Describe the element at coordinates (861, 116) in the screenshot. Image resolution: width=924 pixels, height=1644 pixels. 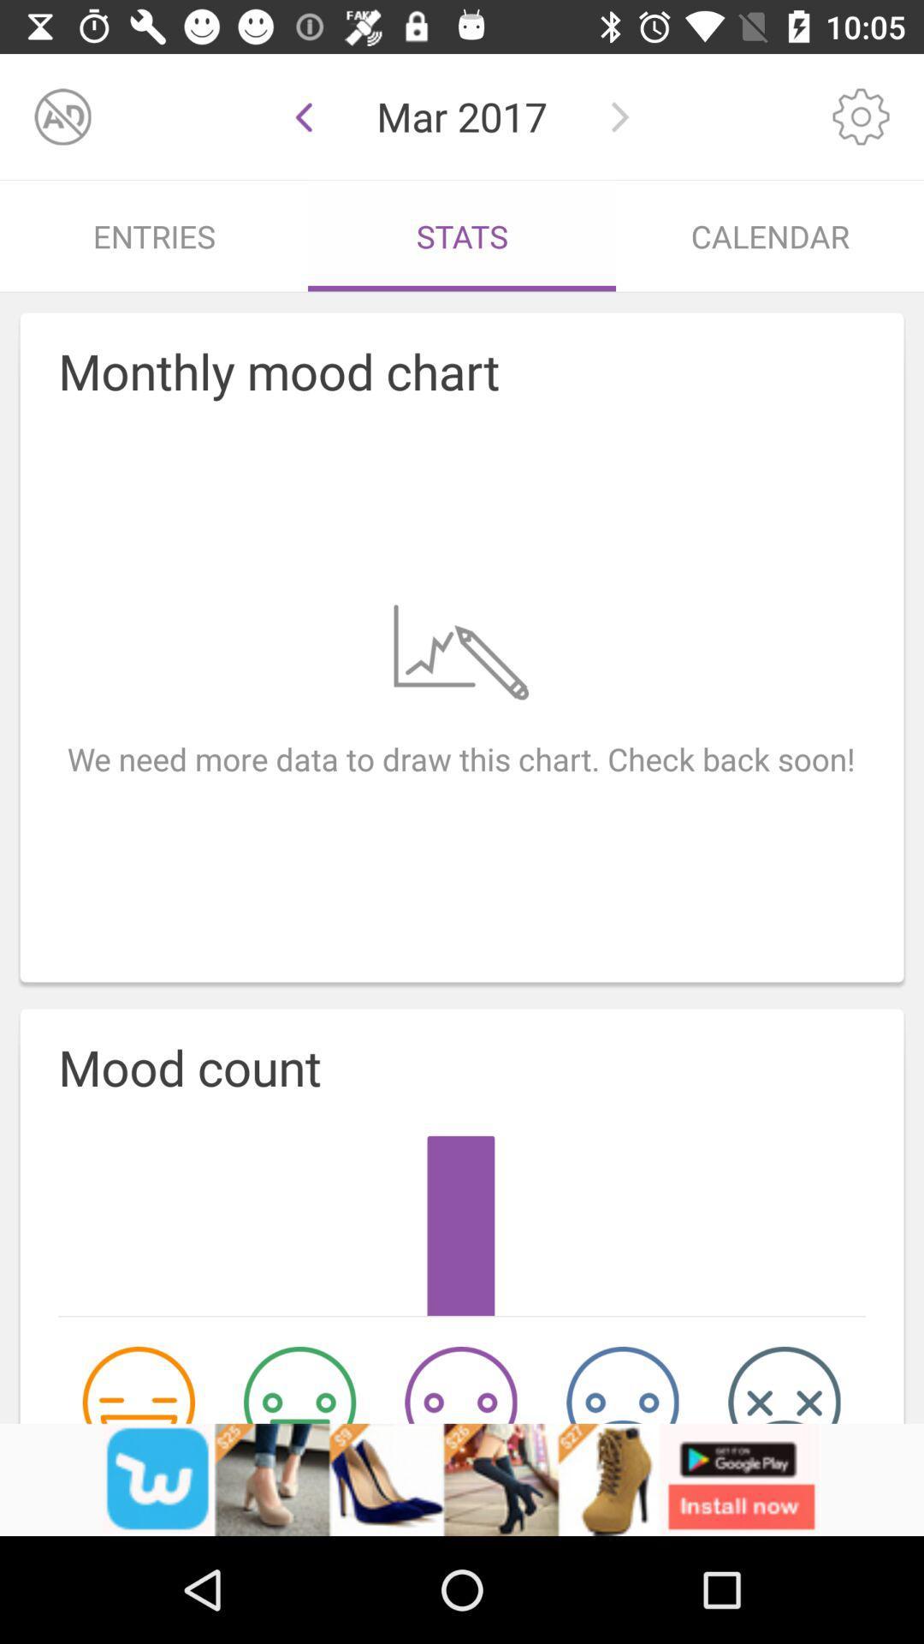
I see `settings` at that location.